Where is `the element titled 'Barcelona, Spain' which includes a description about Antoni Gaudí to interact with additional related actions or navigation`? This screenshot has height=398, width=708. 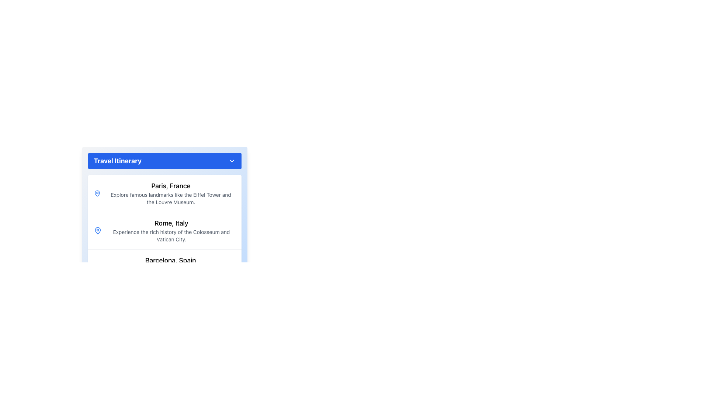
the element titled 'Barcelona, Spain' which includes a description about Antoni Gaudí to interact with additional related actions or navigation is located at coordinates (170, 268).